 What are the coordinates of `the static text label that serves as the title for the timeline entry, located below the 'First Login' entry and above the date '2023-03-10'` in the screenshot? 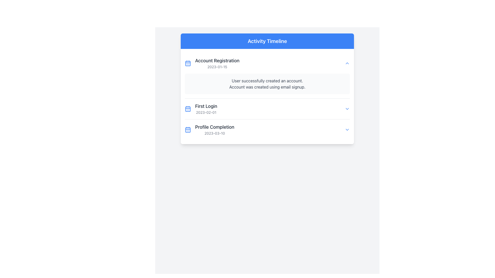 It's located at (214, 127).